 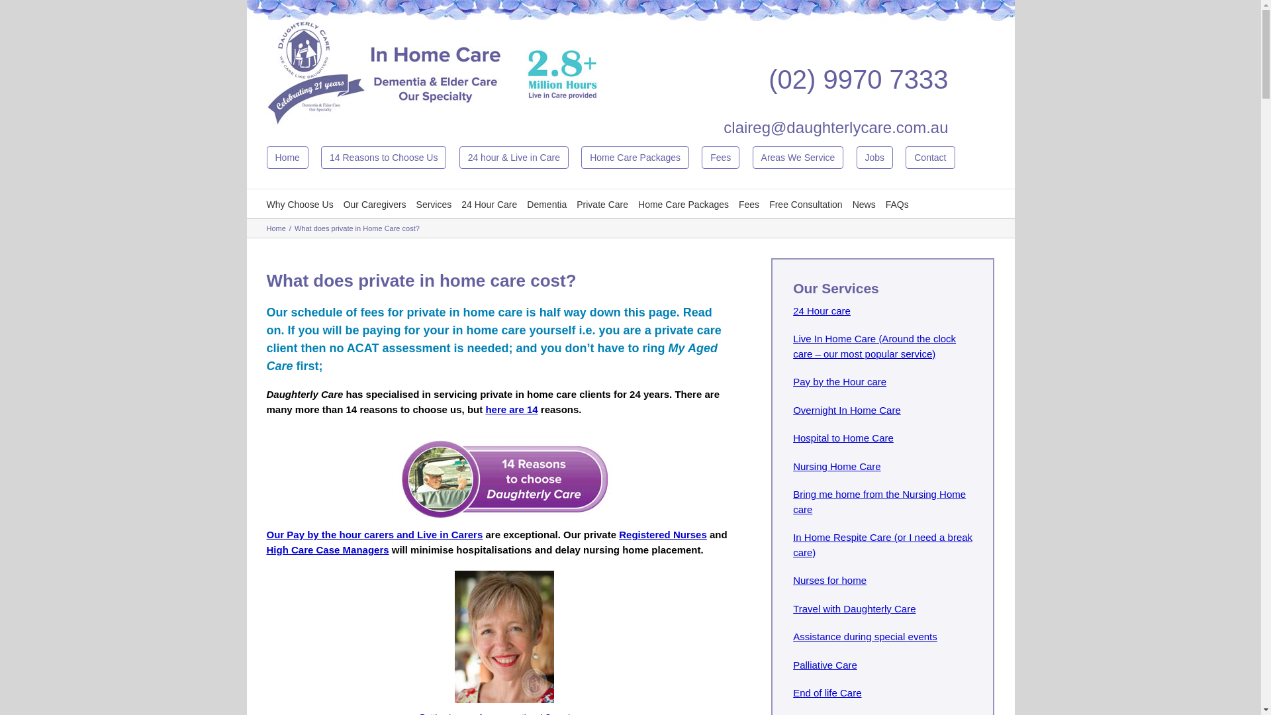 What do you see at coordinates (793, 465) in the screenshot?
I see `'Nursing Home Care'` at bounding box center [793, 465].